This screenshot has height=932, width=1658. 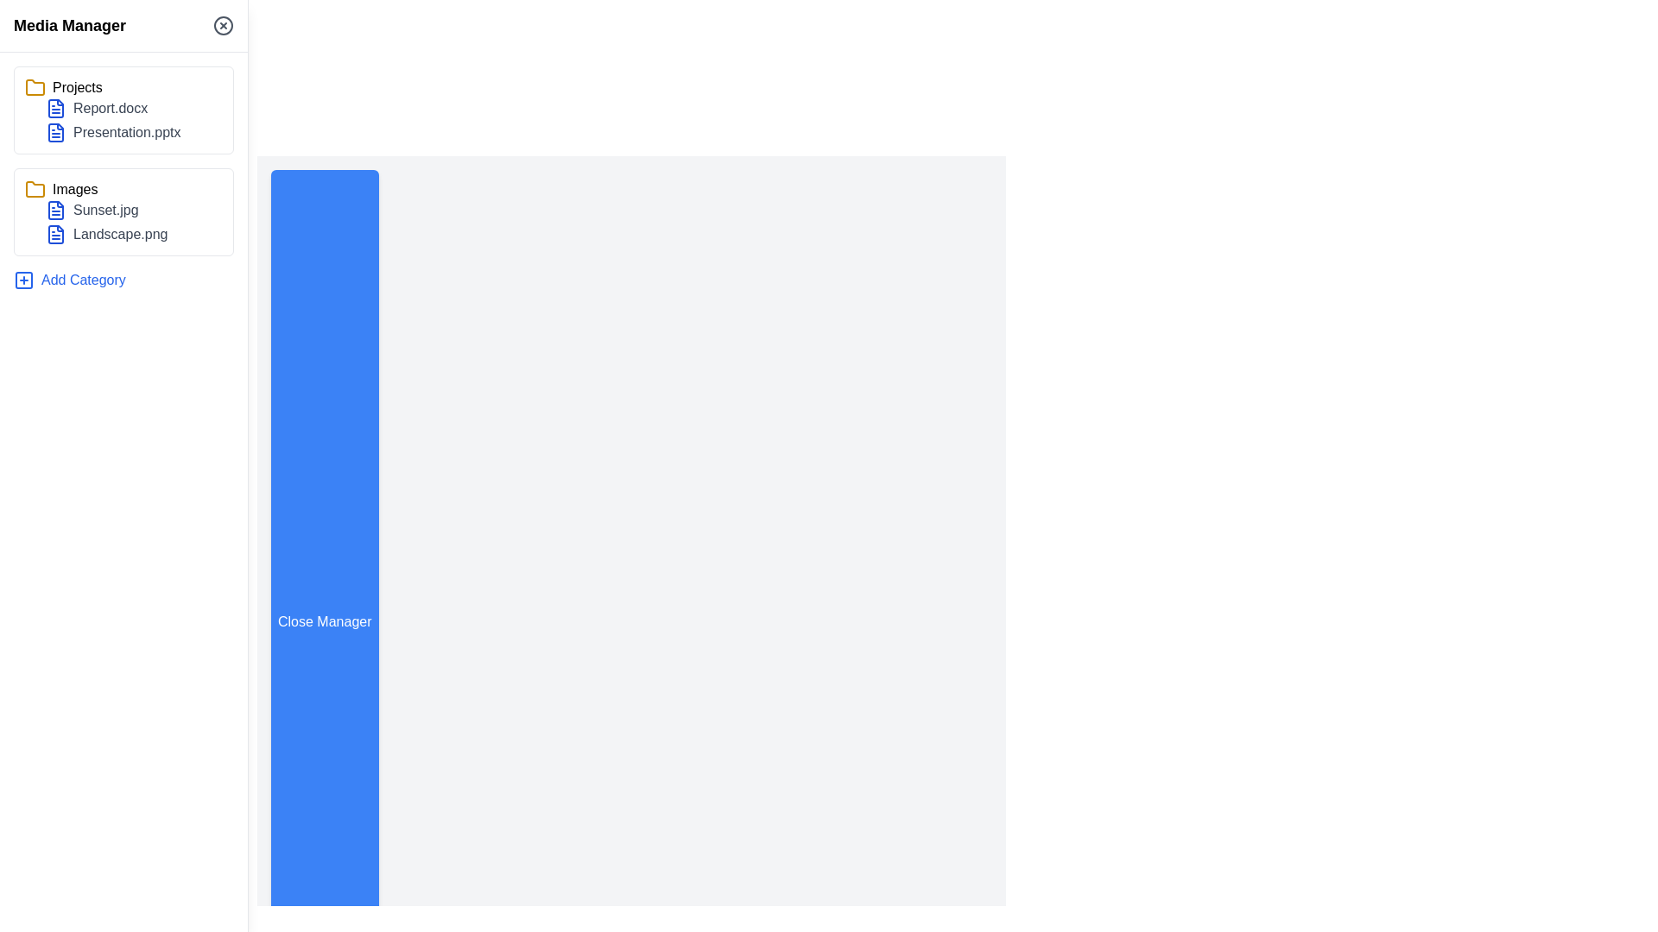 I want to click on the small blue document icon located to the left of the text 'Presentation.pptx' in the 'Projects' folder section of the Media Manager, so click(x=56, y=132).